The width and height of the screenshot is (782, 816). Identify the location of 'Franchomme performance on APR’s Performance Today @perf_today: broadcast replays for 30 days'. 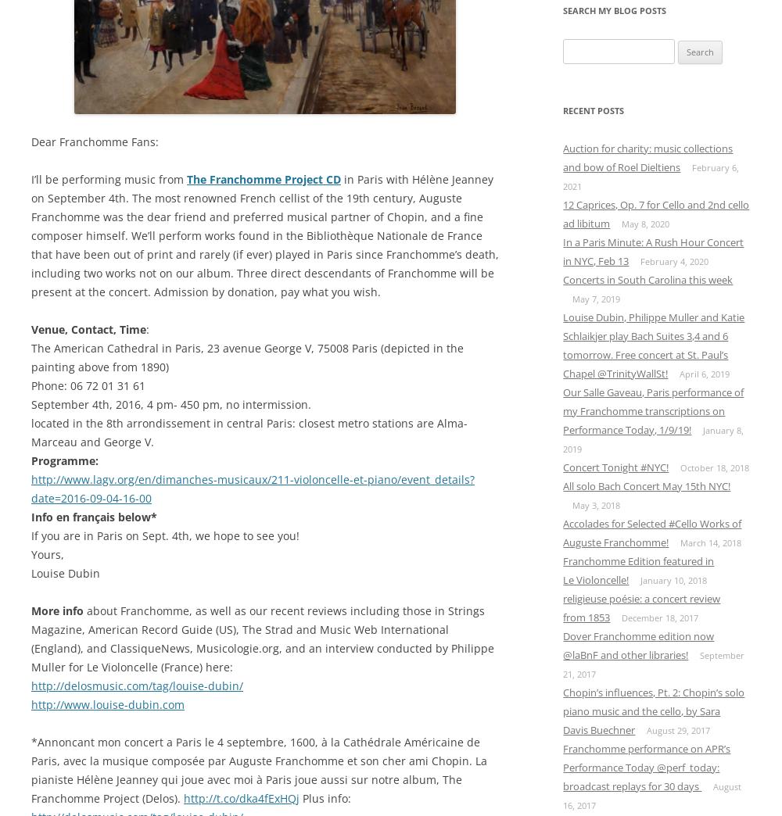
(646, 767).